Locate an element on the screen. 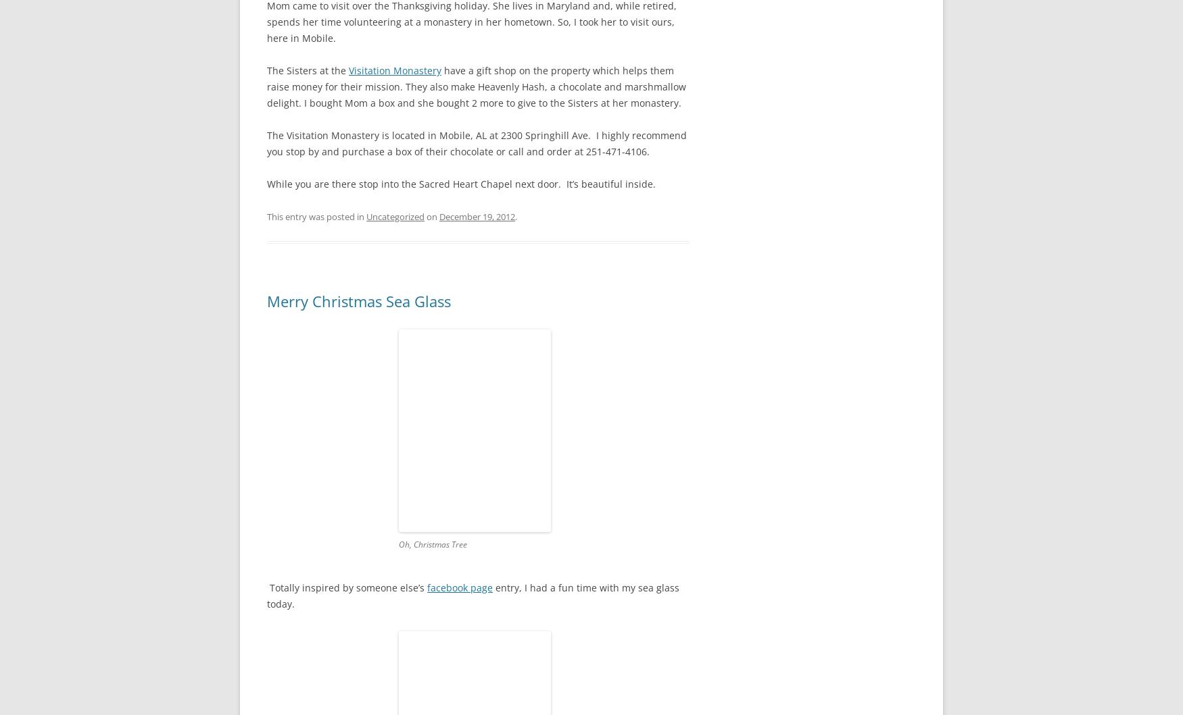 This screenshot has height=715, width=1183. 'While you are there stop into the Sacred Heart Chapel next door.  It’s beautiful inside.' is located at coordinates (460, 184).